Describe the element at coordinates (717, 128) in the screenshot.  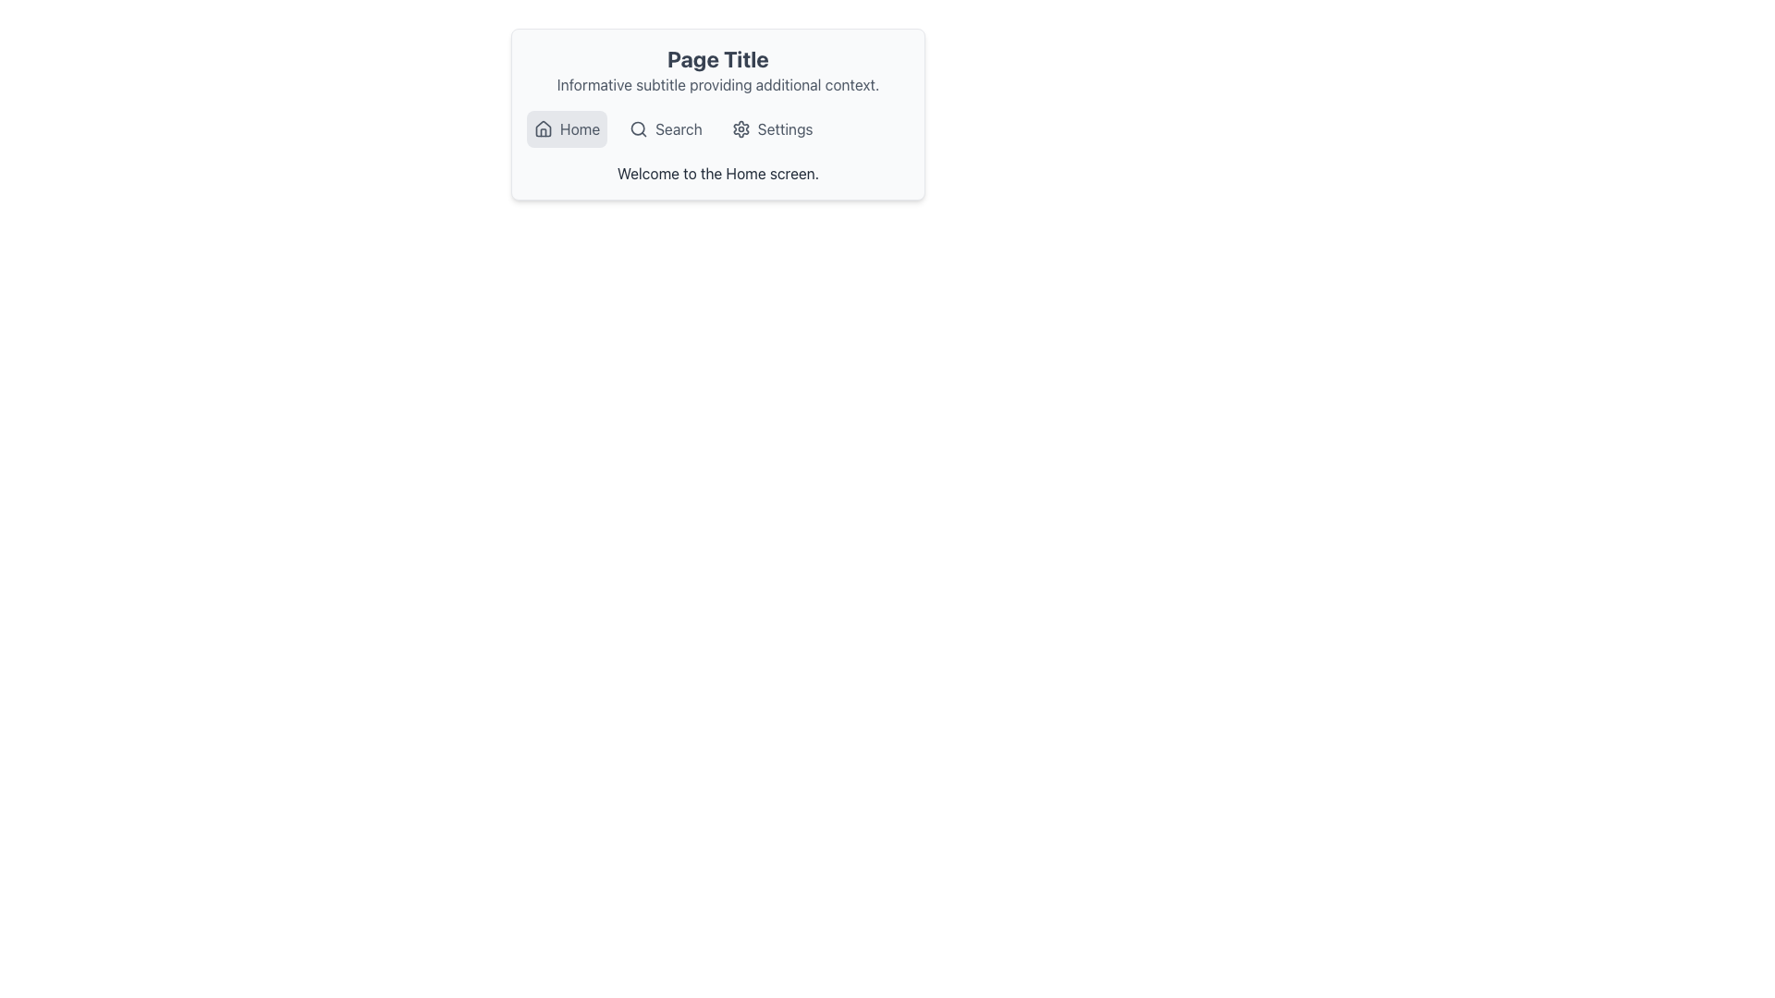
I see `the Navigation Bar to receive visual feedback on the menu items, which include 'Home', 'Search', and 'Settings'` at that location.